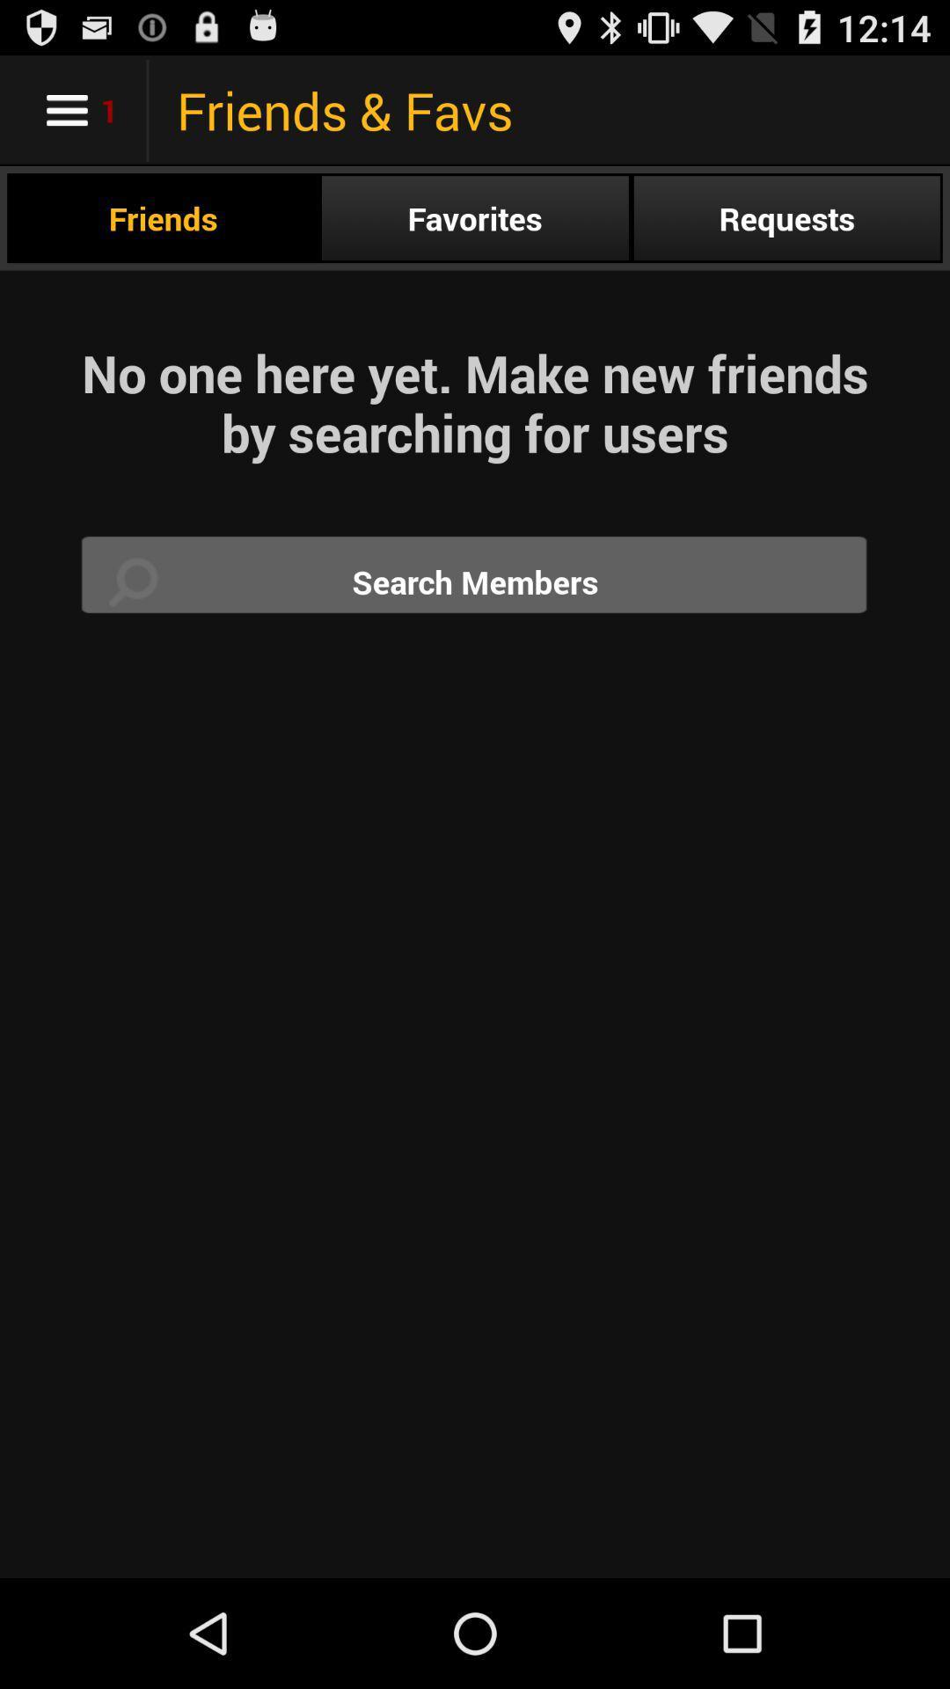  I want to click on the requests, so click(786, 217).